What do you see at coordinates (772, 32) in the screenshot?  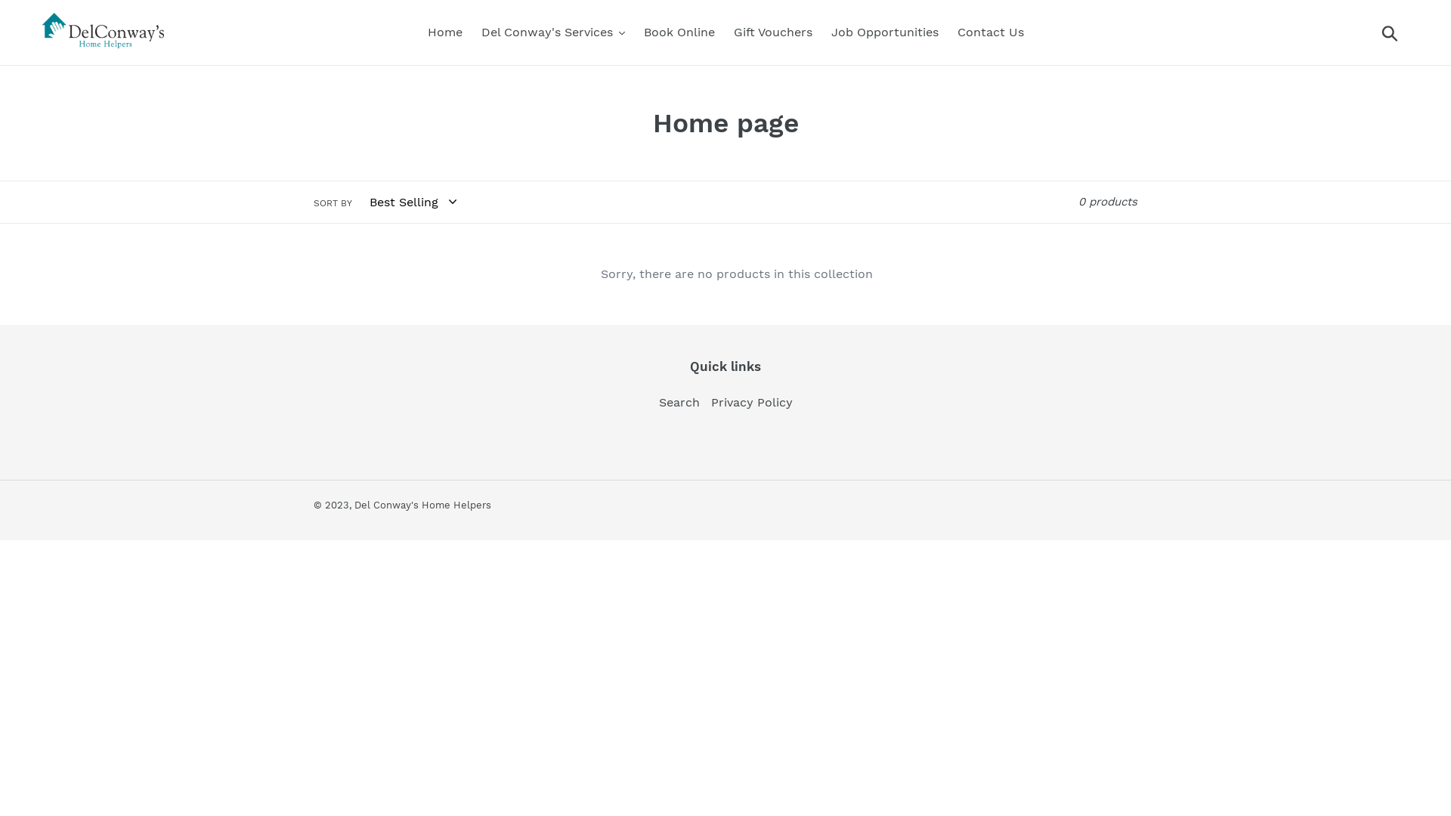 I see `'Gift Vouchers'` at bounding box center [772, 32].